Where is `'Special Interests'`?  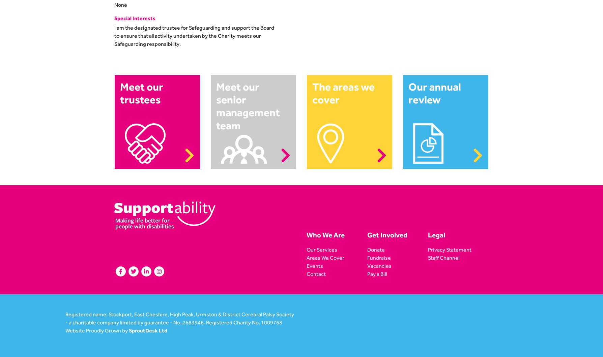 'Special Interests' is located at coordinates (134, 18).